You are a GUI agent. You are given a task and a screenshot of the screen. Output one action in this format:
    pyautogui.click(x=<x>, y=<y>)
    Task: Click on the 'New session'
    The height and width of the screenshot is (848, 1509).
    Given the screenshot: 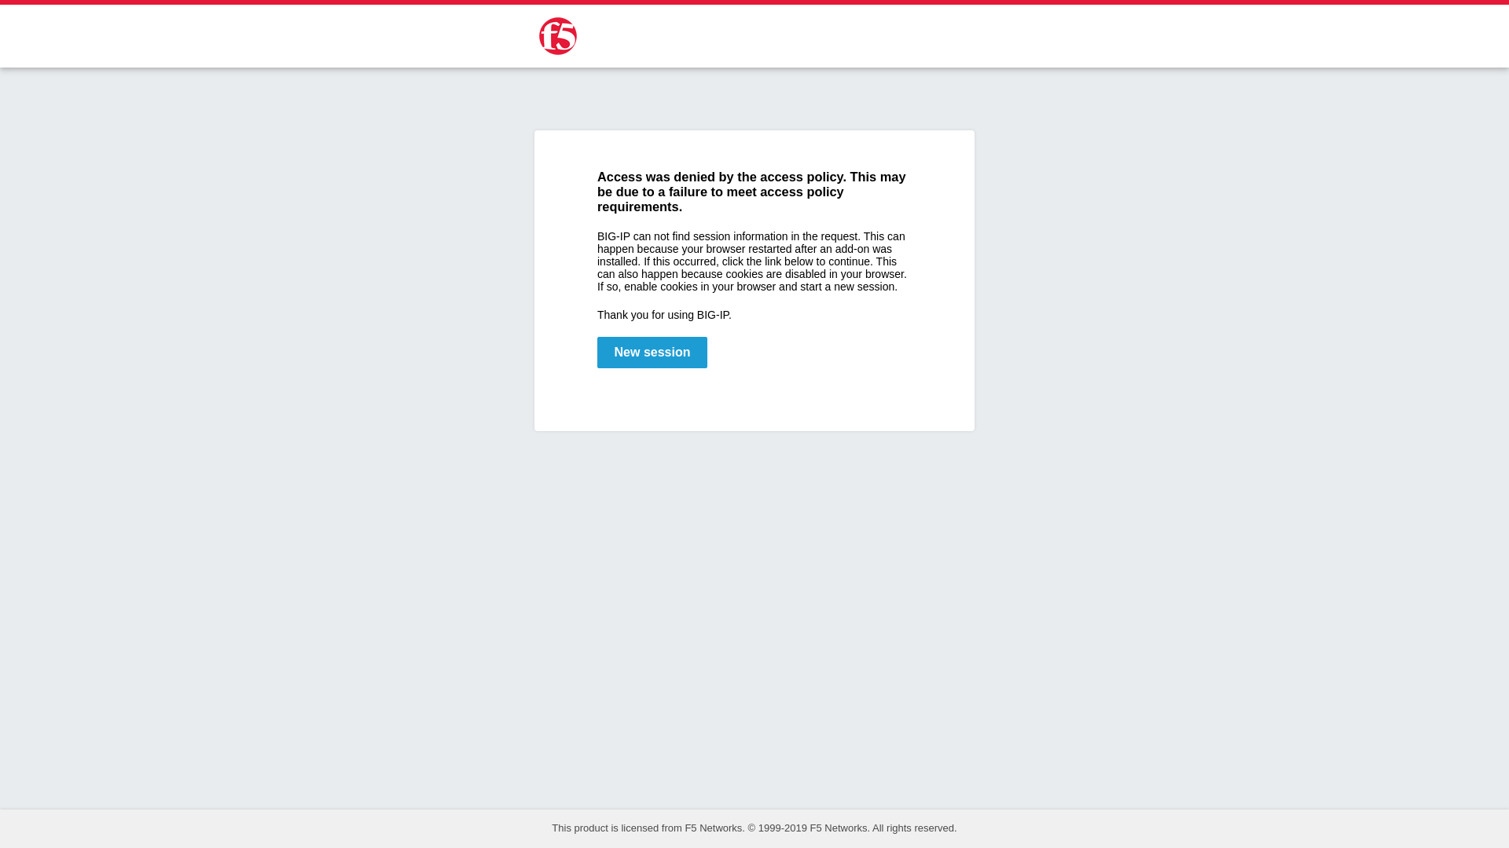 What is the action you would take?
    pyautogui.click(x=652, y=351)
    